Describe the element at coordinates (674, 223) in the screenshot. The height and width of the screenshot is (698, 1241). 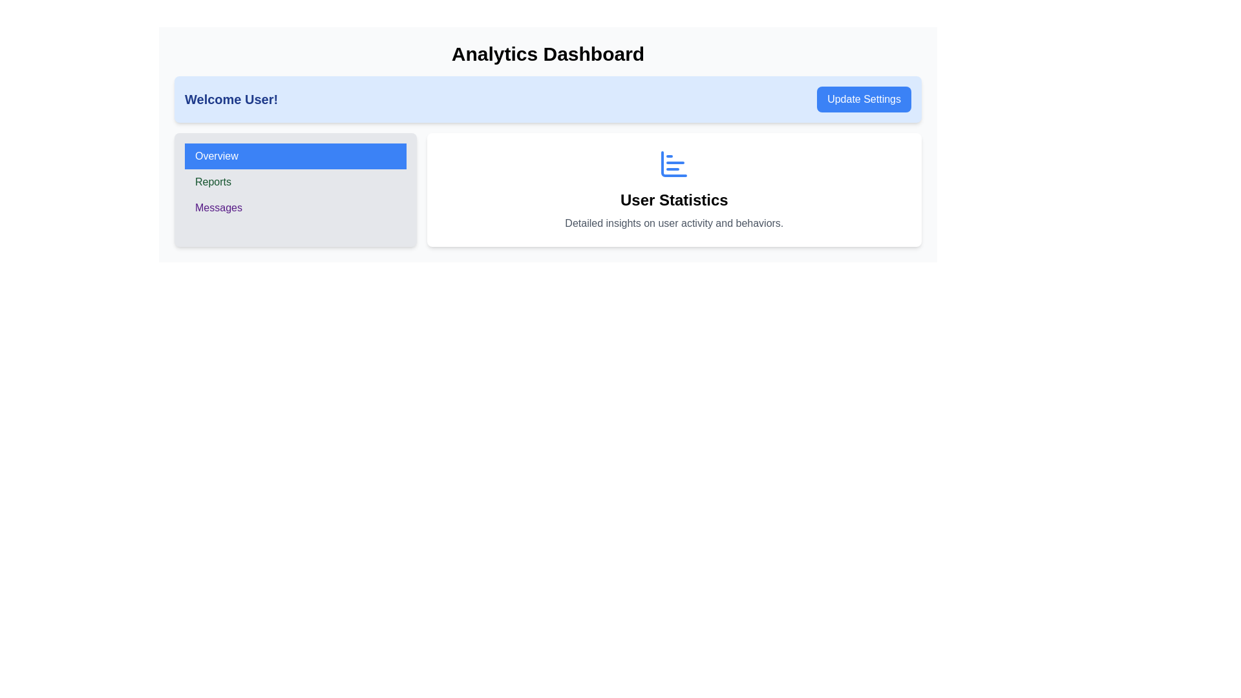
I see `the static text element that provides a summary about the 'User Statistics' section, located directly below the 'User Statistics' title and icon` at that location.